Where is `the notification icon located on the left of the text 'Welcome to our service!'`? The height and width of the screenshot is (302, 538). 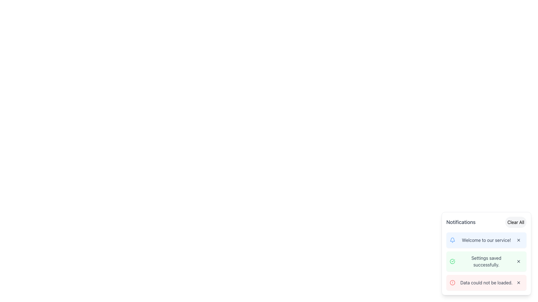
the notification icon located on the left of the text 'Welcome to our service!' is located at coordinates (452, 240).